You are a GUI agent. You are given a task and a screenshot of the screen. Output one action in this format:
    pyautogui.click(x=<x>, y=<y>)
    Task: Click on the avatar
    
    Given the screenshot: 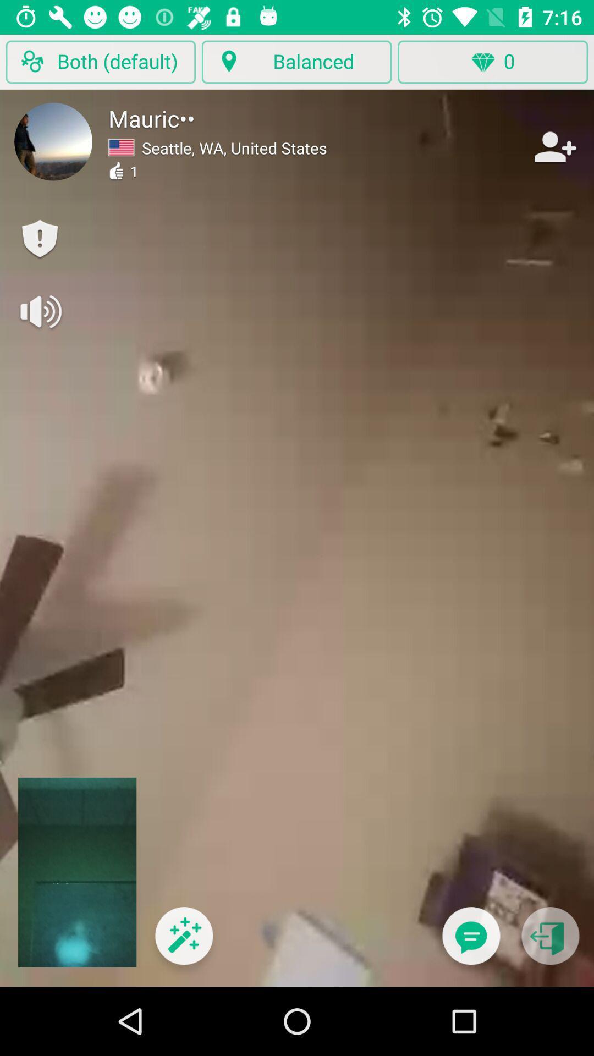 What is the action you would take?
    pyautogui.click(x=53, y=141)
    